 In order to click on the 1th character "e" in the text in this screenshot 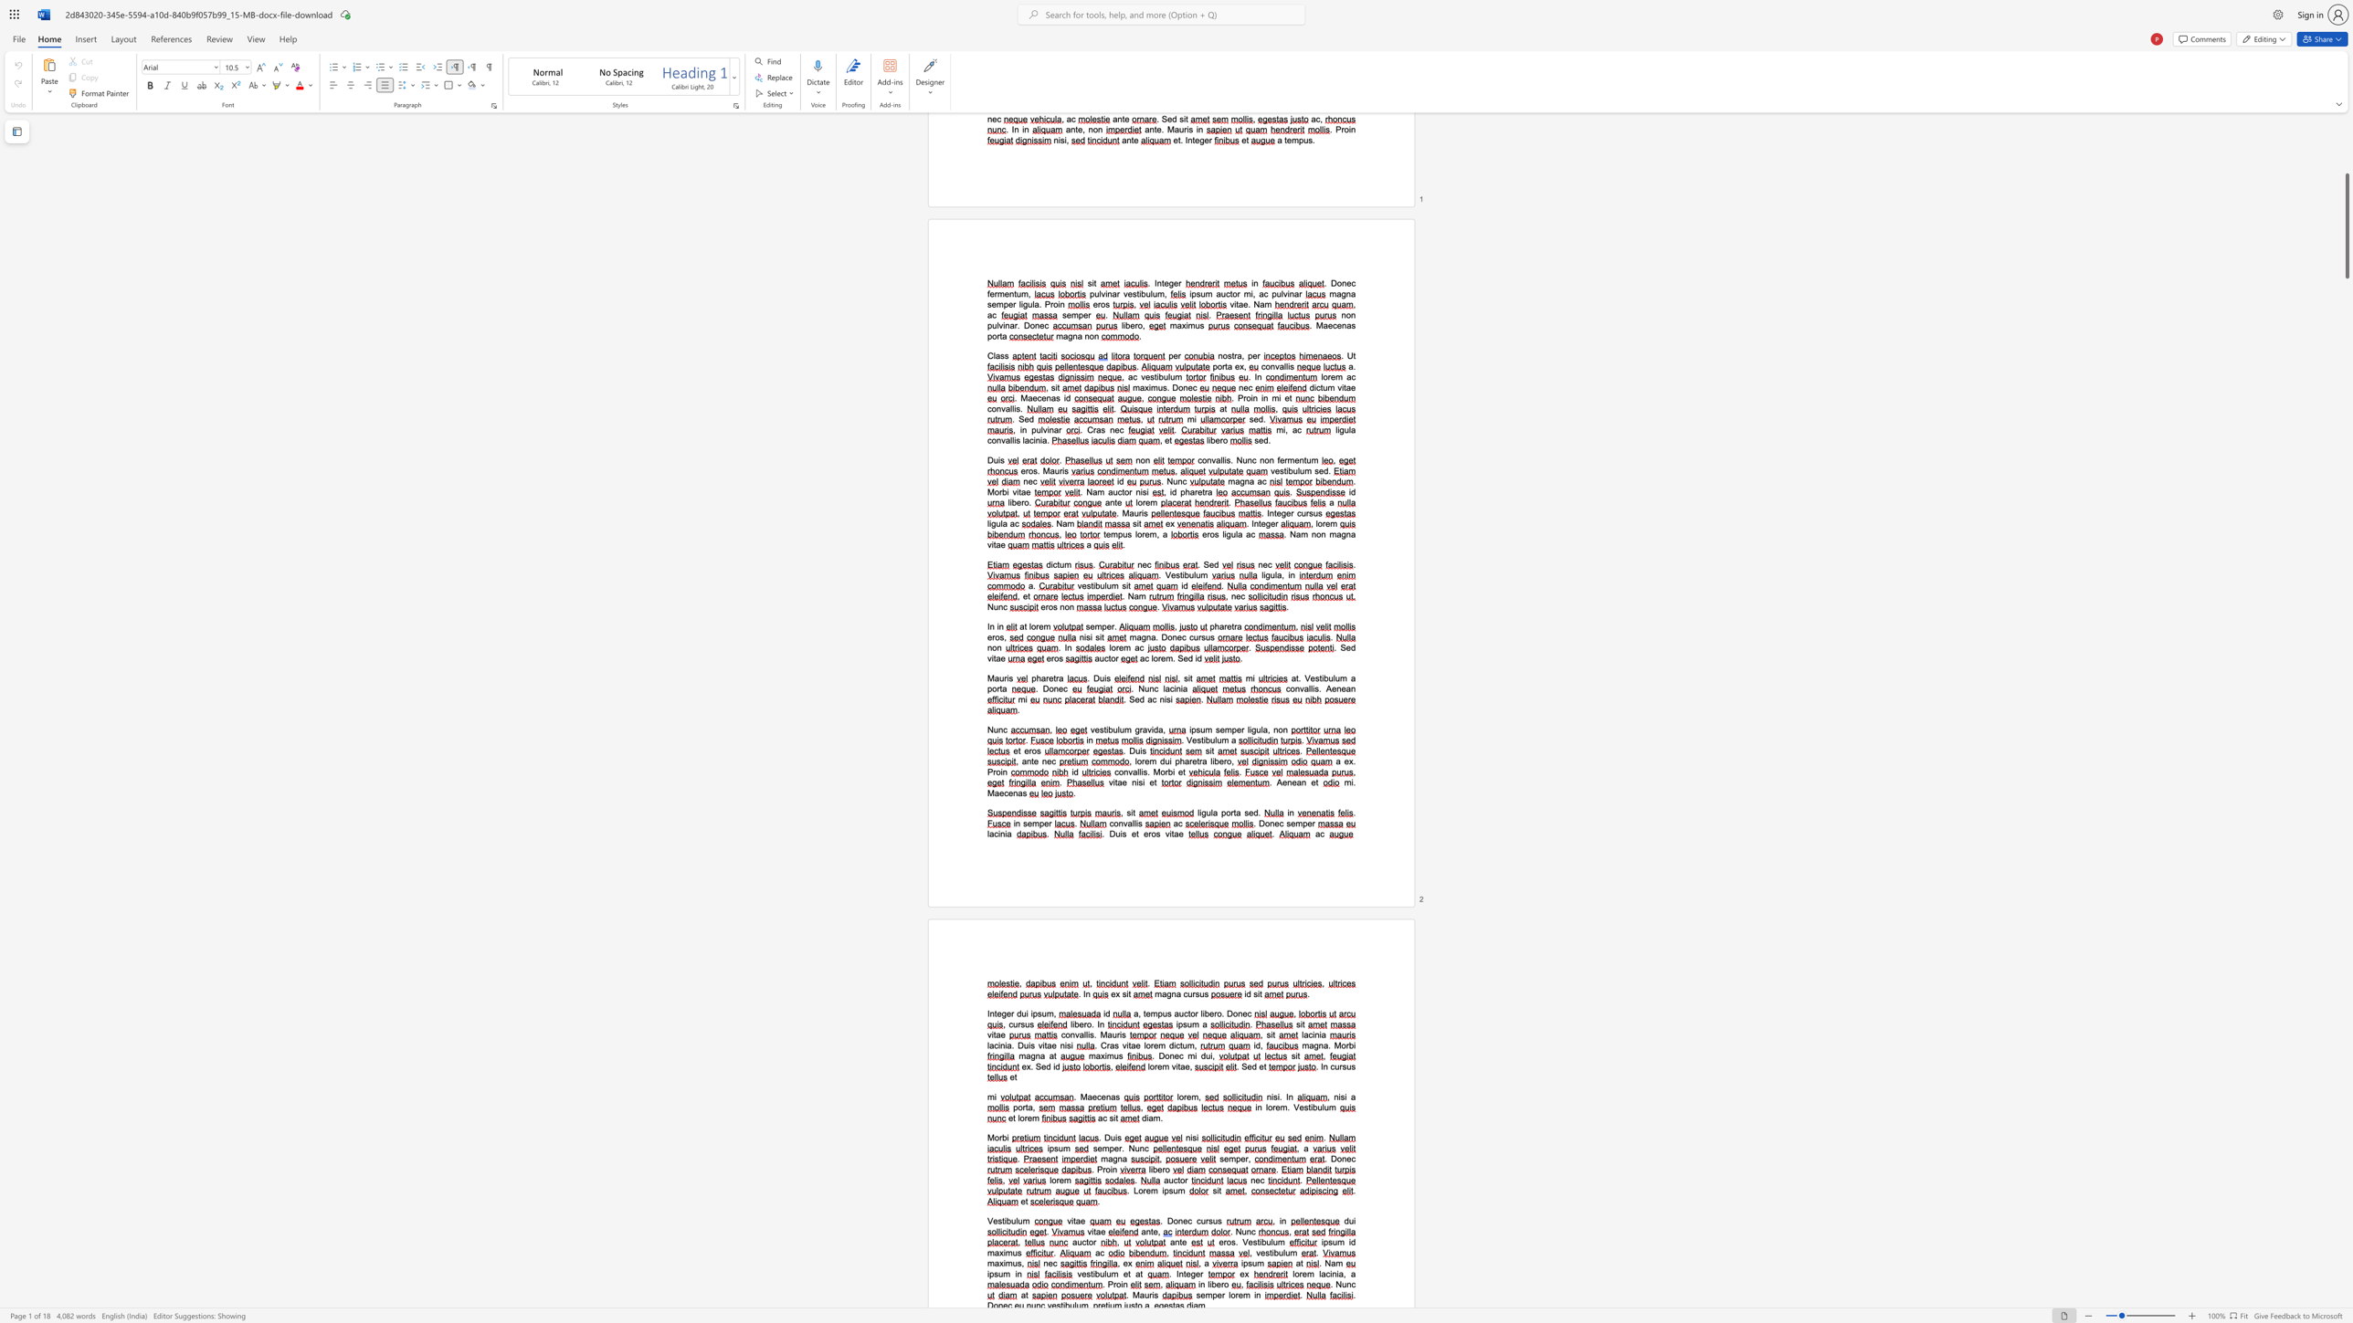, I will do `click(1053, 1045)`.